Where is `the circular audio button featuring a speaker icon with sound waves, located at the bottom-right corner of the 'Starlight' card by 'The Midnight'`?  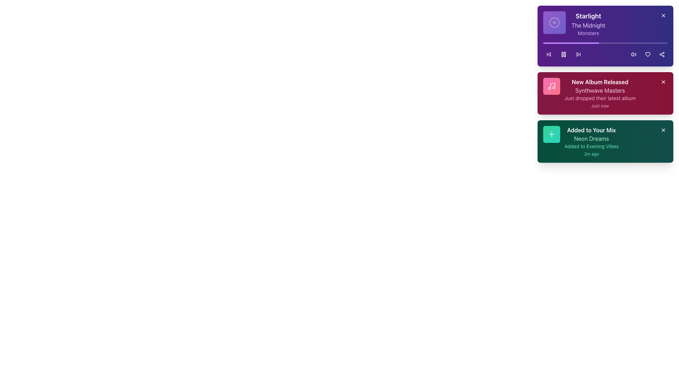 the circular audio button featuring a speaker icon with sound waves, located at the bottom-right corner of the 'Starlight' card by 'The Midnight' is located at coordinates (633, 54).